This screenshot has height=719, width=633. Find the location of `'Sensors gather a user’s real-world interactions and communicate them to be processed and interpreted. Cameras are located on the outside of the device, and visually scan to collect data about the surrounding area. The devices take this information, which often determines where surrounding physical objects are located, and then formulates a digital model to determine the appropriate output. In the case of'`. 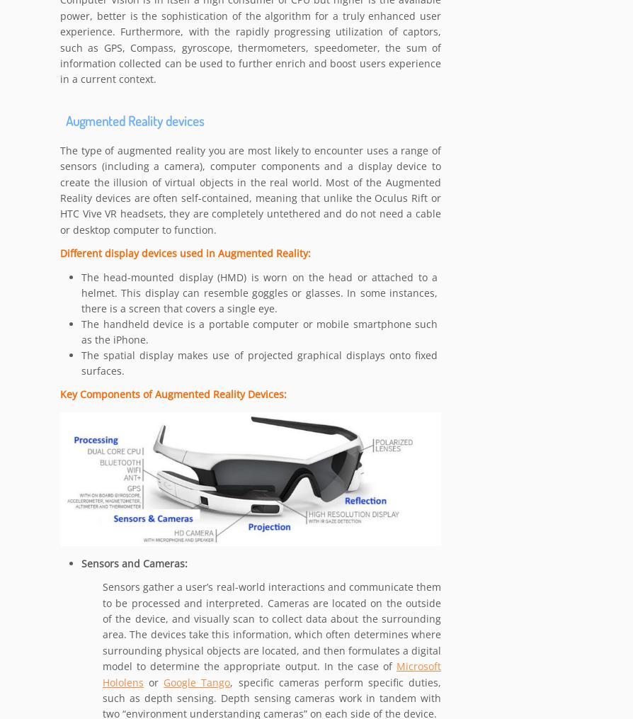

'Sensors gather a user’s real-world interactions and communicate them to be processed and interpreted. Cameras are located on the outside of the device, and visually scan to collect data about the surrounding area. The devices take this information, which often determines where surrounding physical objects are located, and then formulates a digital model to determine the appropriate output. In the case of' is located at coordinates (103, 626).